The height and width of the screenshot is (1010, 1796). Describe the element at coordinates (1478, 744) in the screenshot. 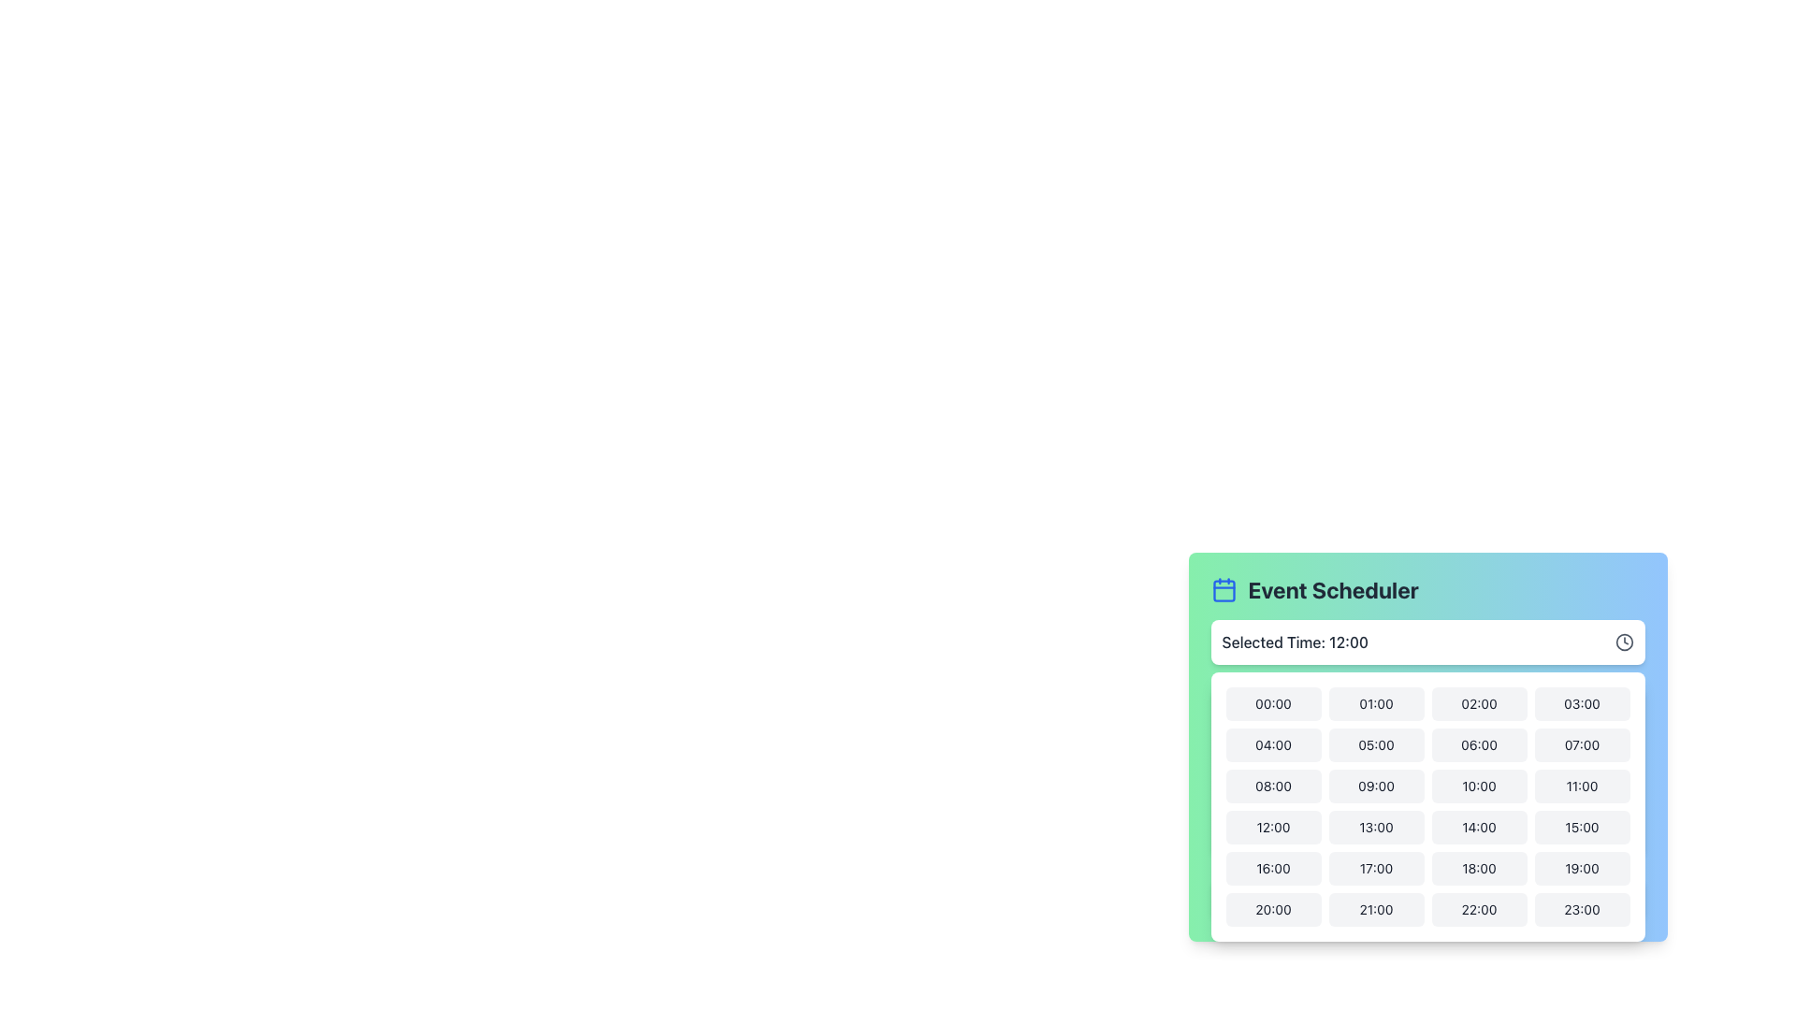

I see `the rectangular button labeled '06:00' in the Event Scheduler widget` at that location.